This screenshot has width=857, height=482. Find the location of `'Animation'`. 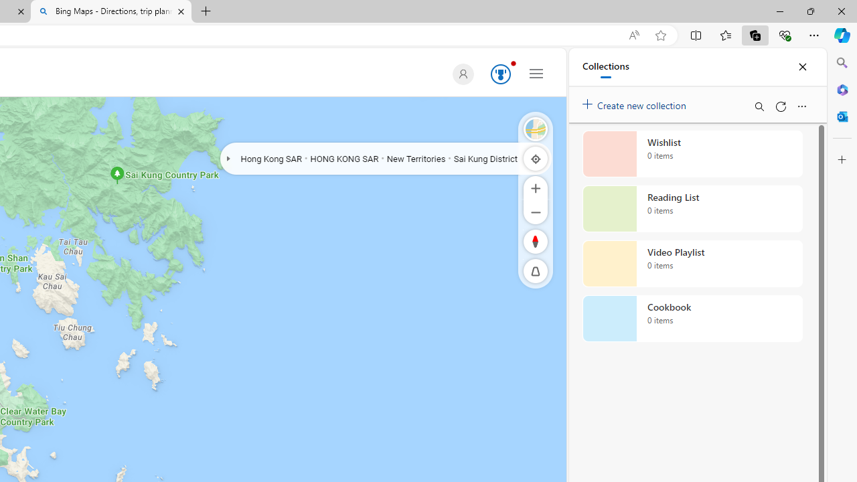

'Animation' is located at coordinates (512, 64).